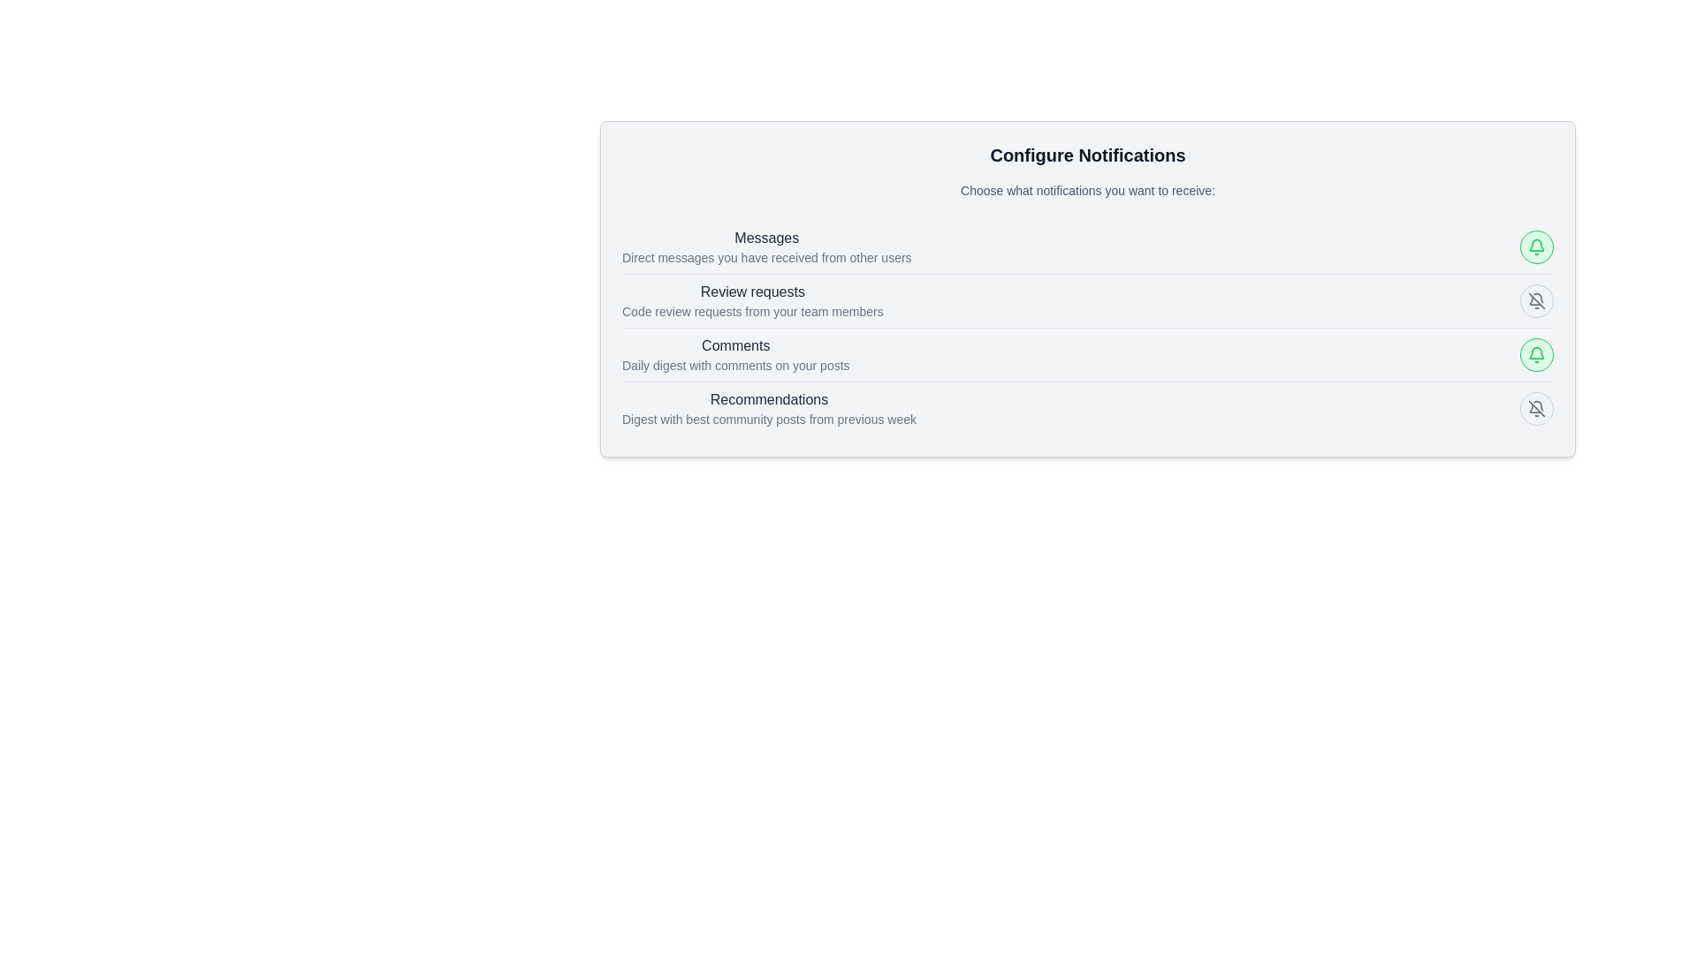 Image resolution: width=1697 pixels, height=954 pixels. What do you see at coordinates (769, 408) in the screenshot?
I see `the text block labeled 'Recommendations' which is located in the fourth row of the notification options list under 'Configure Notifications'` at bounding box center [769, 408].